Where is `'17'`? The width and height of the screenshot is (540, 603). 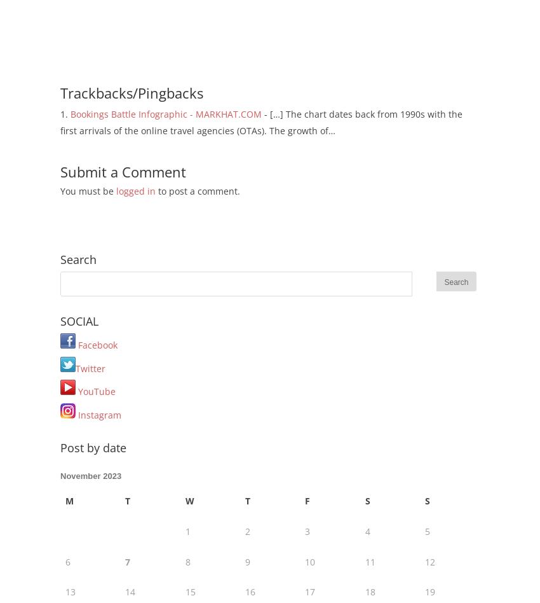 '17' is located at coordinates (309, 591).